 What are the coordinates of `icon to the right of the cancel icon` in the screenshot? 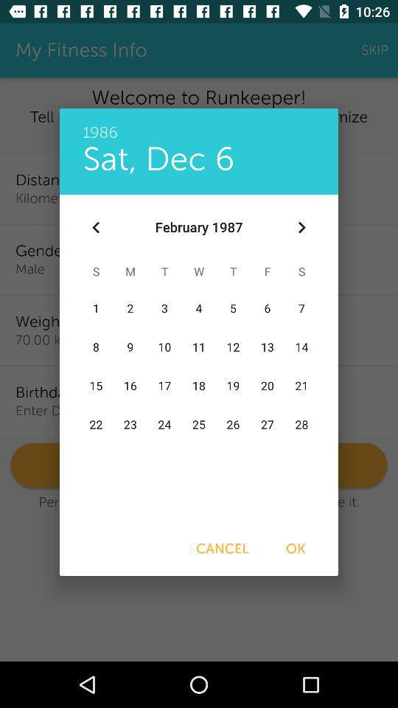 It's located at (296, 548).